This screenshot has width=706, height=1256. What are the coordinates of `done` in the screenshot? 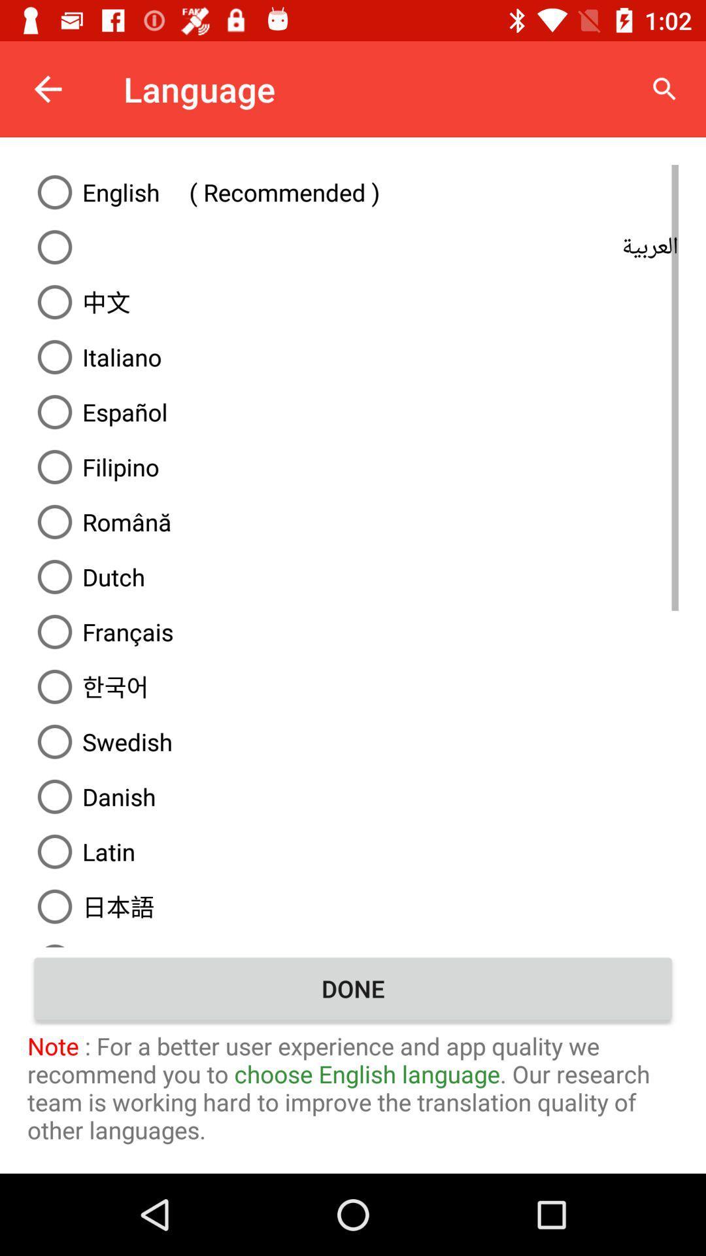 It's located at (353, 988).